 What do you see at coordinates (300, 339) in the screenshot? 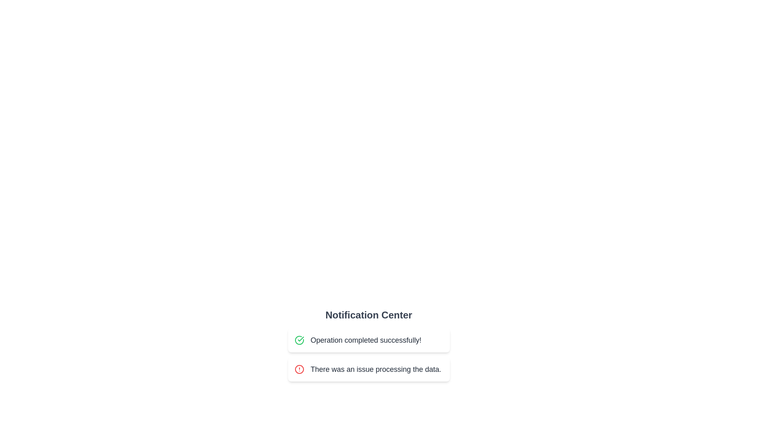
I see `the green checkmark icon within its circular boundary, which indicates a successful operation` at bounding box center [300, 339].